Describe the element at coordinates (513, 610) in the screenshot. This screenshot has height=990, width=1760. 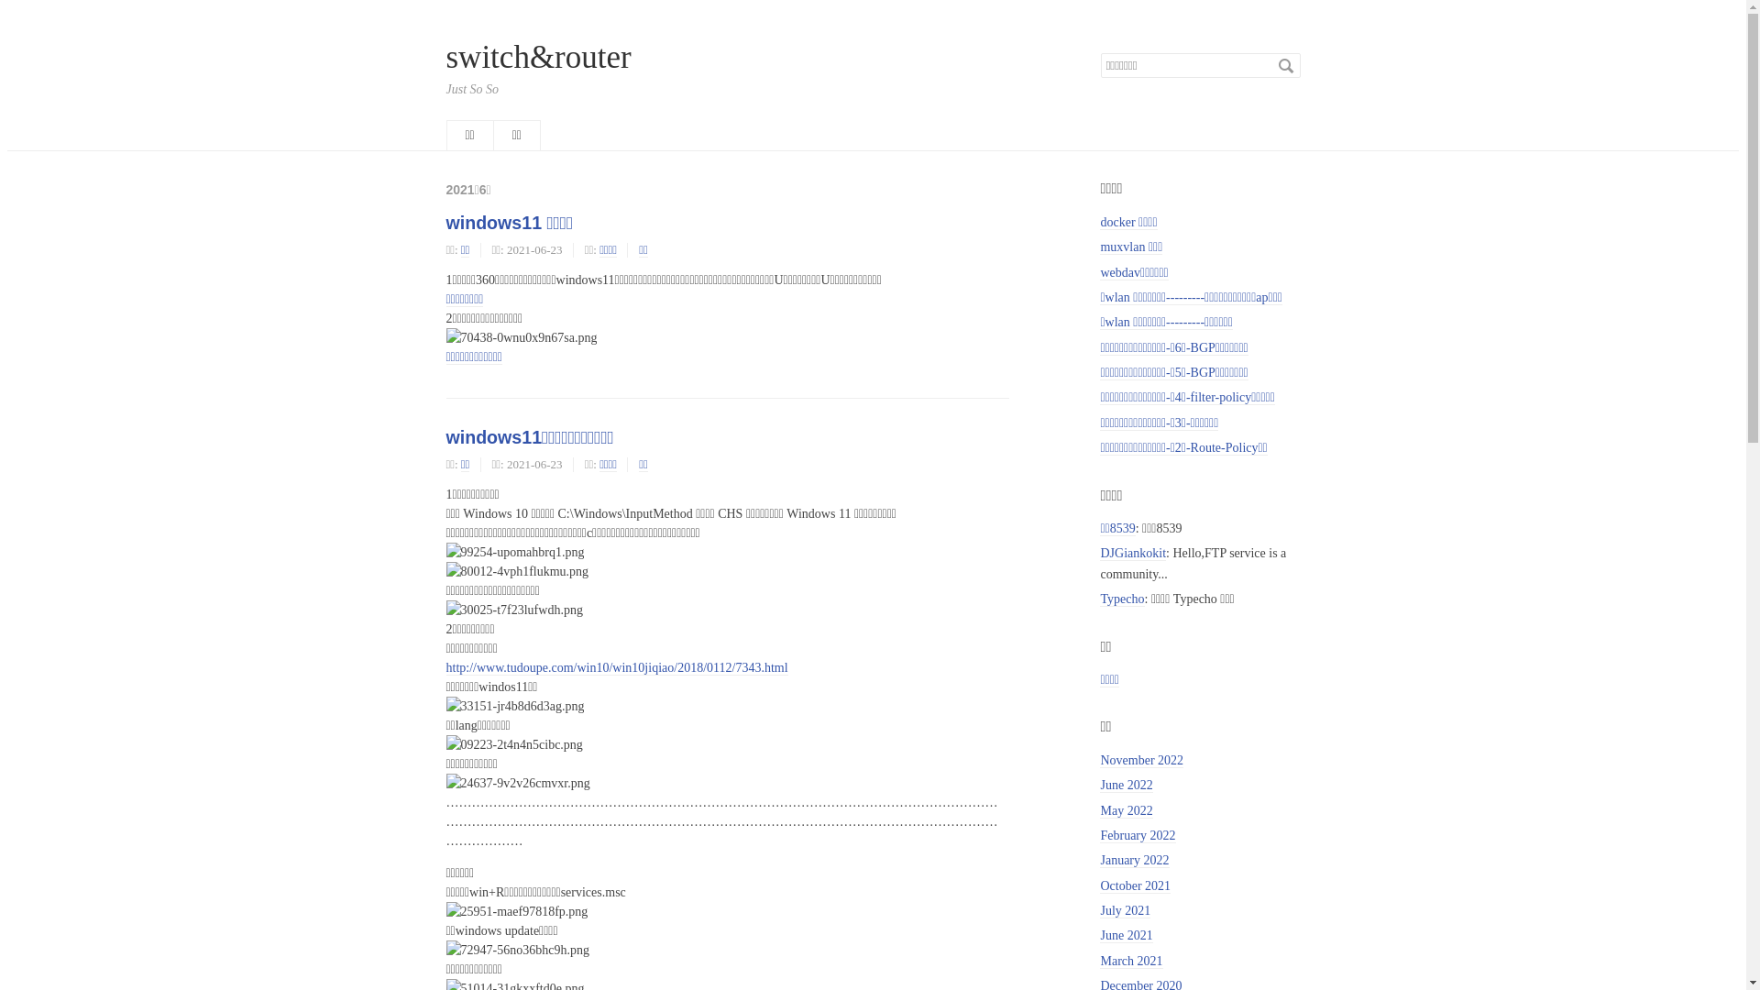
I see `'30025-t7f23lufwdh.png'` at that location.